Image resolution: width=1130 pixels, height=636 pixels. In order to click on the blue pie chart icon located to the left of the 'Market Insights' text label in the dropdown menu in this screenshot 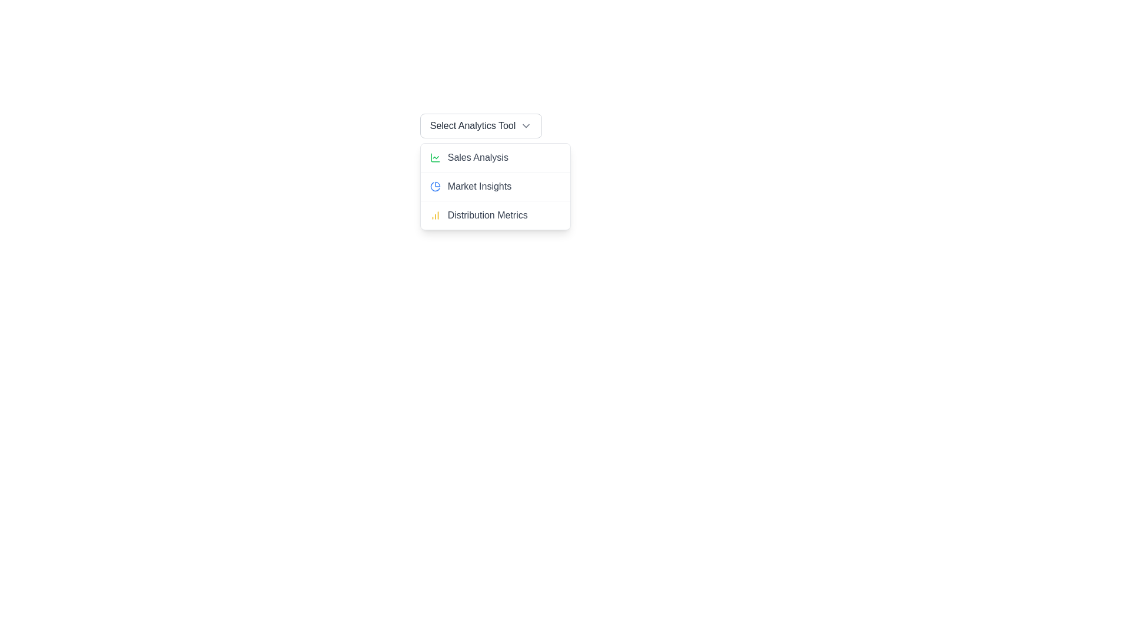, I will do `click(434, 185)`.